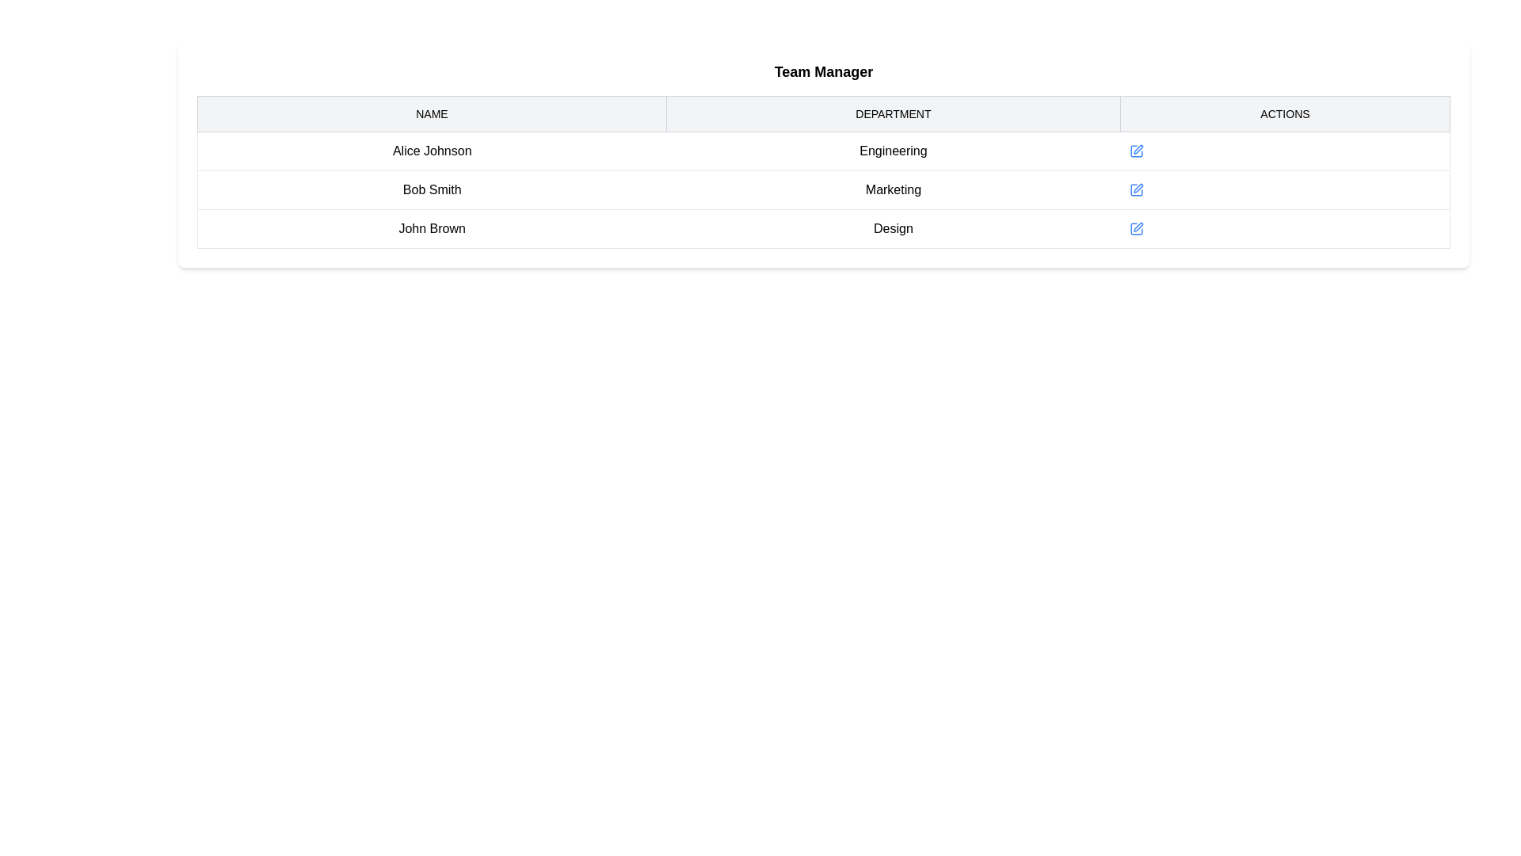  What do you see at coordinates (1136, 151) in the screenshot?
I see `the blue pen icon button in the Actions column of the first row to initiate the edit action for the Engineering department entry` at bounding box center [1136, 151].